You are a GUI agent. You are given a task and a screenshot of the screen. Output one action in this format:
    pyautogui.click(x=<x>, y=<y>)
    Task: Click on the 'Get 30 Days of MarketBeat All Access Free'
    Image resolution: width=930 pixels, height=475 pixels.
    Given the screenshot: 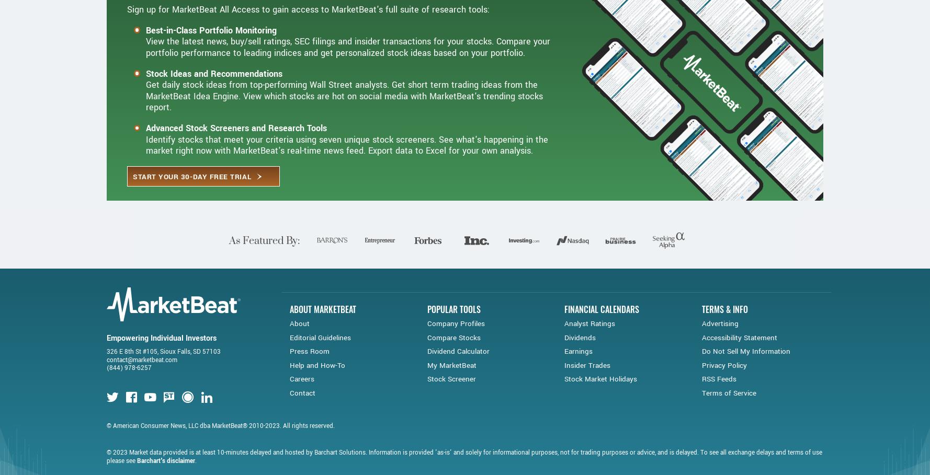 What is the action you would take?
    pyautogui.click(x=286, y=29)
    